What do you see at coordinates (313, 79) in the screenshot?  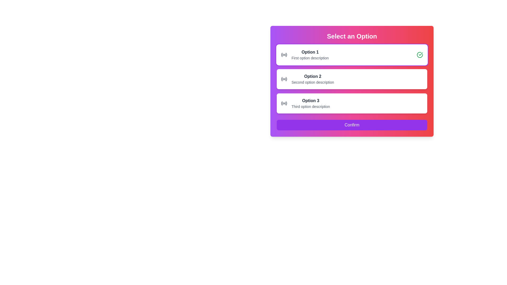 I see `the second option in the vertical list of selectable text card elements` at bounding box center [313, 79].